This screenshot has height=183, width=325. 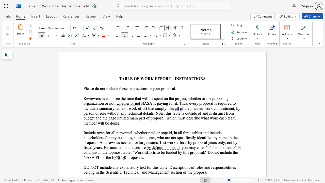 What do you see at coordinates (152, 167) in the screenshot?
I see `the subset text "this table. Descriptions of roles and responsibi" within the text "DO NOT include any explanatory text for this table. Descriptions of roles and responsibilities belong in the Scientific, Technical, and Management section of the proposal."` at bounding box center [152, 167].